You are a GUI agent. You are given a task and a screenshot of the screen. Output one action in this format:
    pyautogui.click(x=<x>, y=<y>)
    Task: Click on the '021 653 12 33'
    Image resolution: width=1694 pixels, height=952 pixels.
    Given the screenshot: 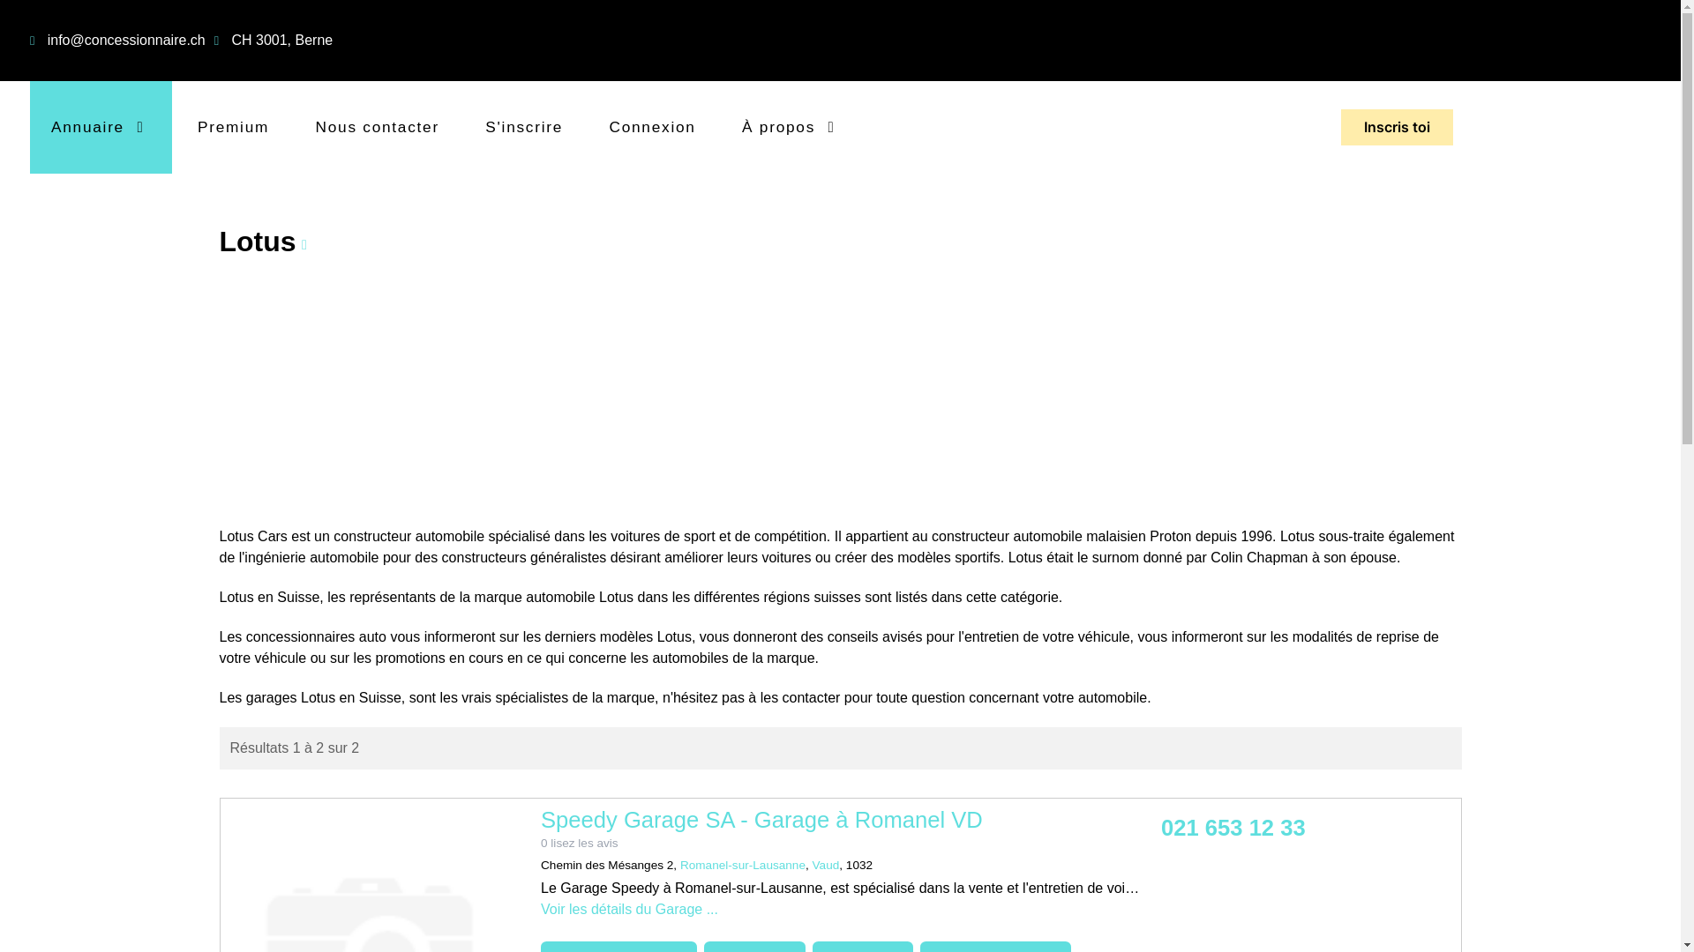 What is the action you would take?
    pyautogui.click(x=1232, y=827)
    